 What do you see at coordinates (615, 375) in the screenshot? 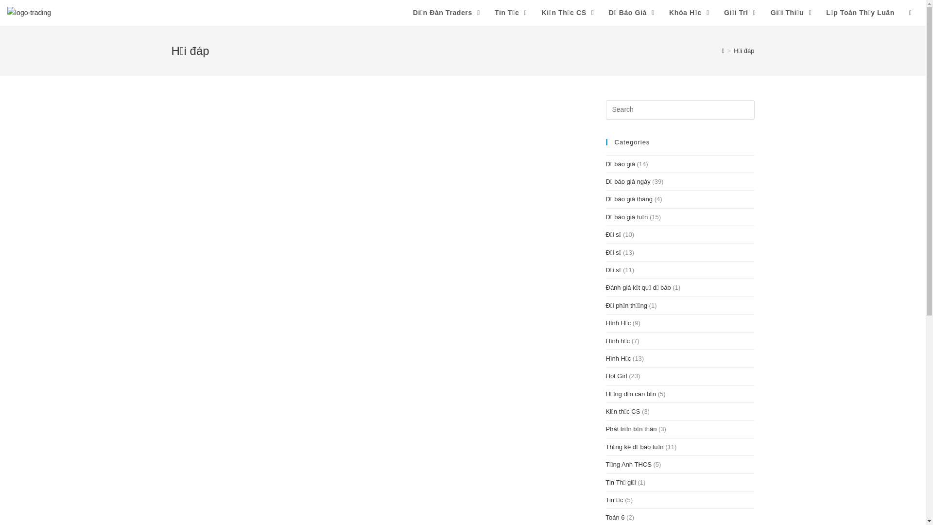
I see `'Hot Girl'` at bounding box center [615, 375].